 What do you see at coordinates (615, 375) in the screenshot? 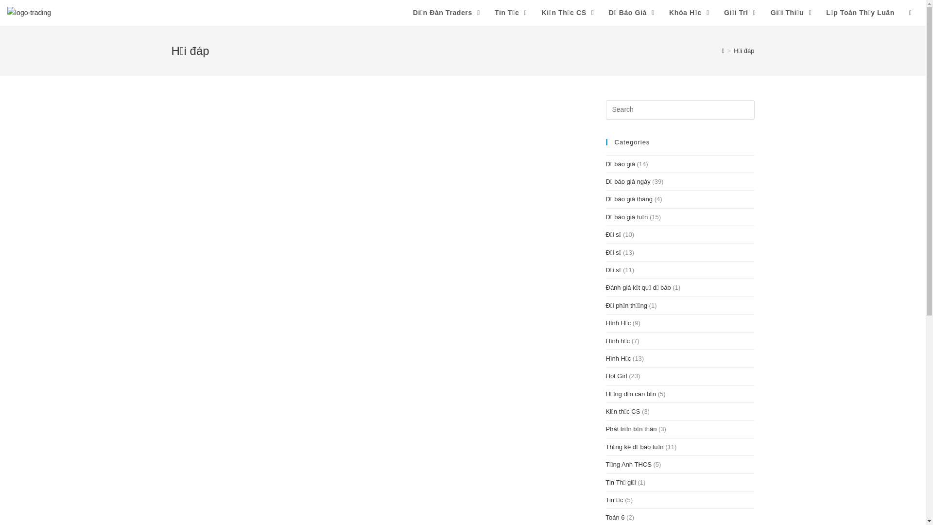
I see `'Hot Girl'` at bounding box center [615, 375].